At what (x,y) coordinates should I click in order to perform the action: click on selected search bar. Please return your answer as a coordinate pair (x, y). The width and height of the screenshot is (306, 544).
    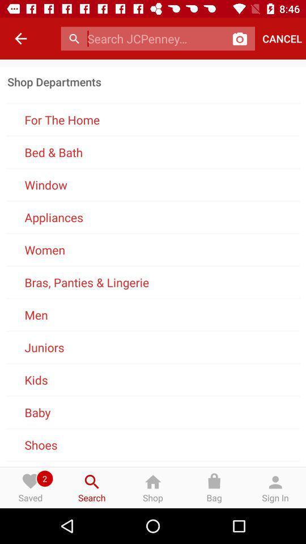
    Looking at the image, I should click on (155, 39).